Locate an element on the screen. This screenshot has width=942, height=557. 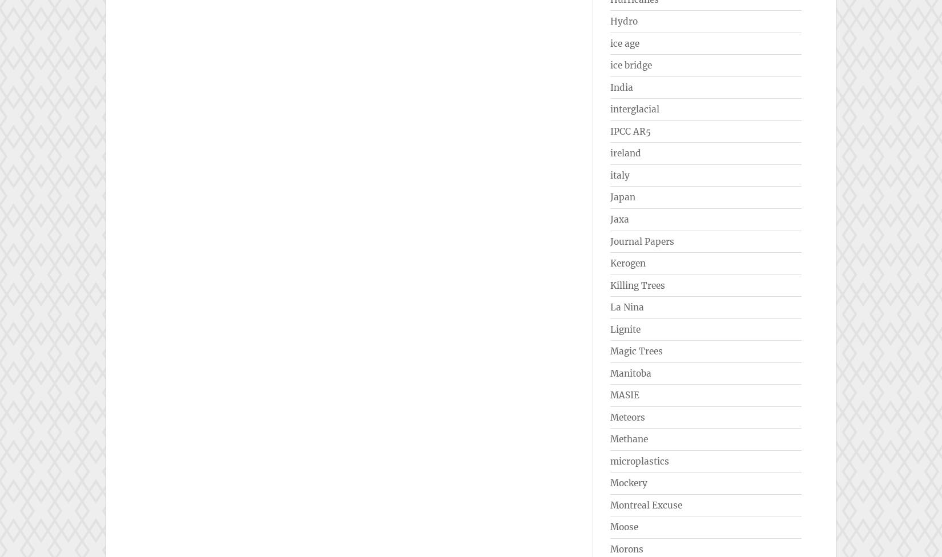
'Moose' is located at coordinates (610, 526).